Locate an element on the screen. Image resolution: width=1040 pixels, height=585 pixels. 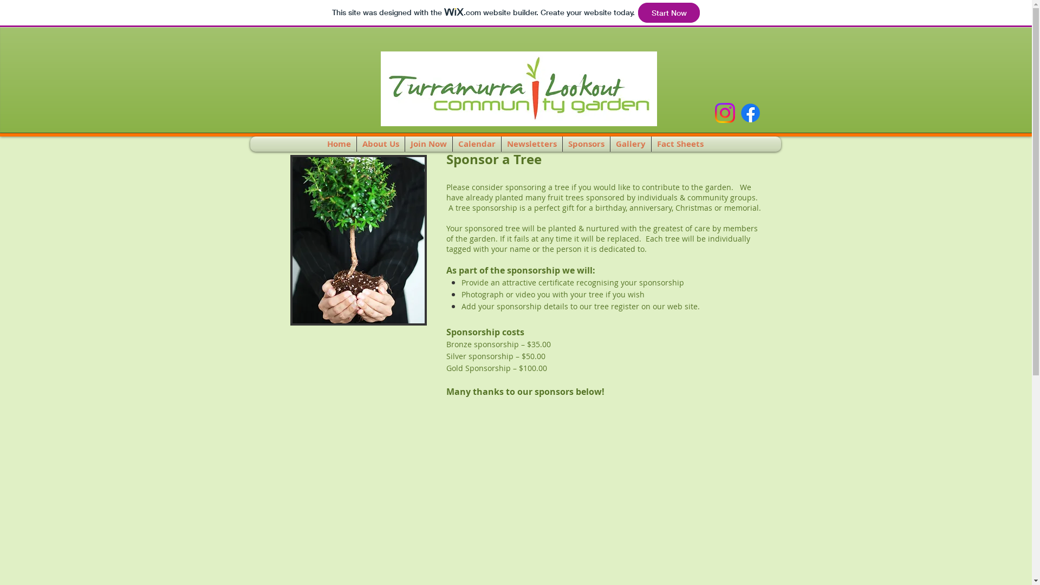
'Wix Weather' is located at coordinates (311, 84).